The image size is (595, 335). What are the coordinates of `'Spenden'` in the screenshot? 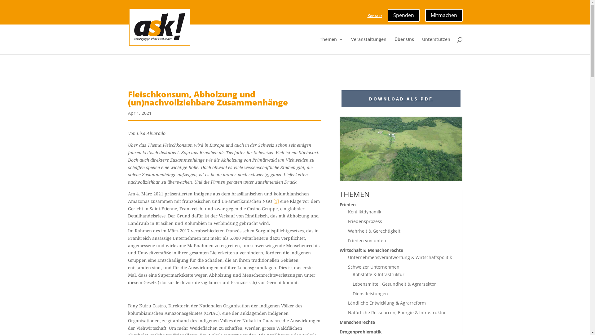 It's located at (403, 13).